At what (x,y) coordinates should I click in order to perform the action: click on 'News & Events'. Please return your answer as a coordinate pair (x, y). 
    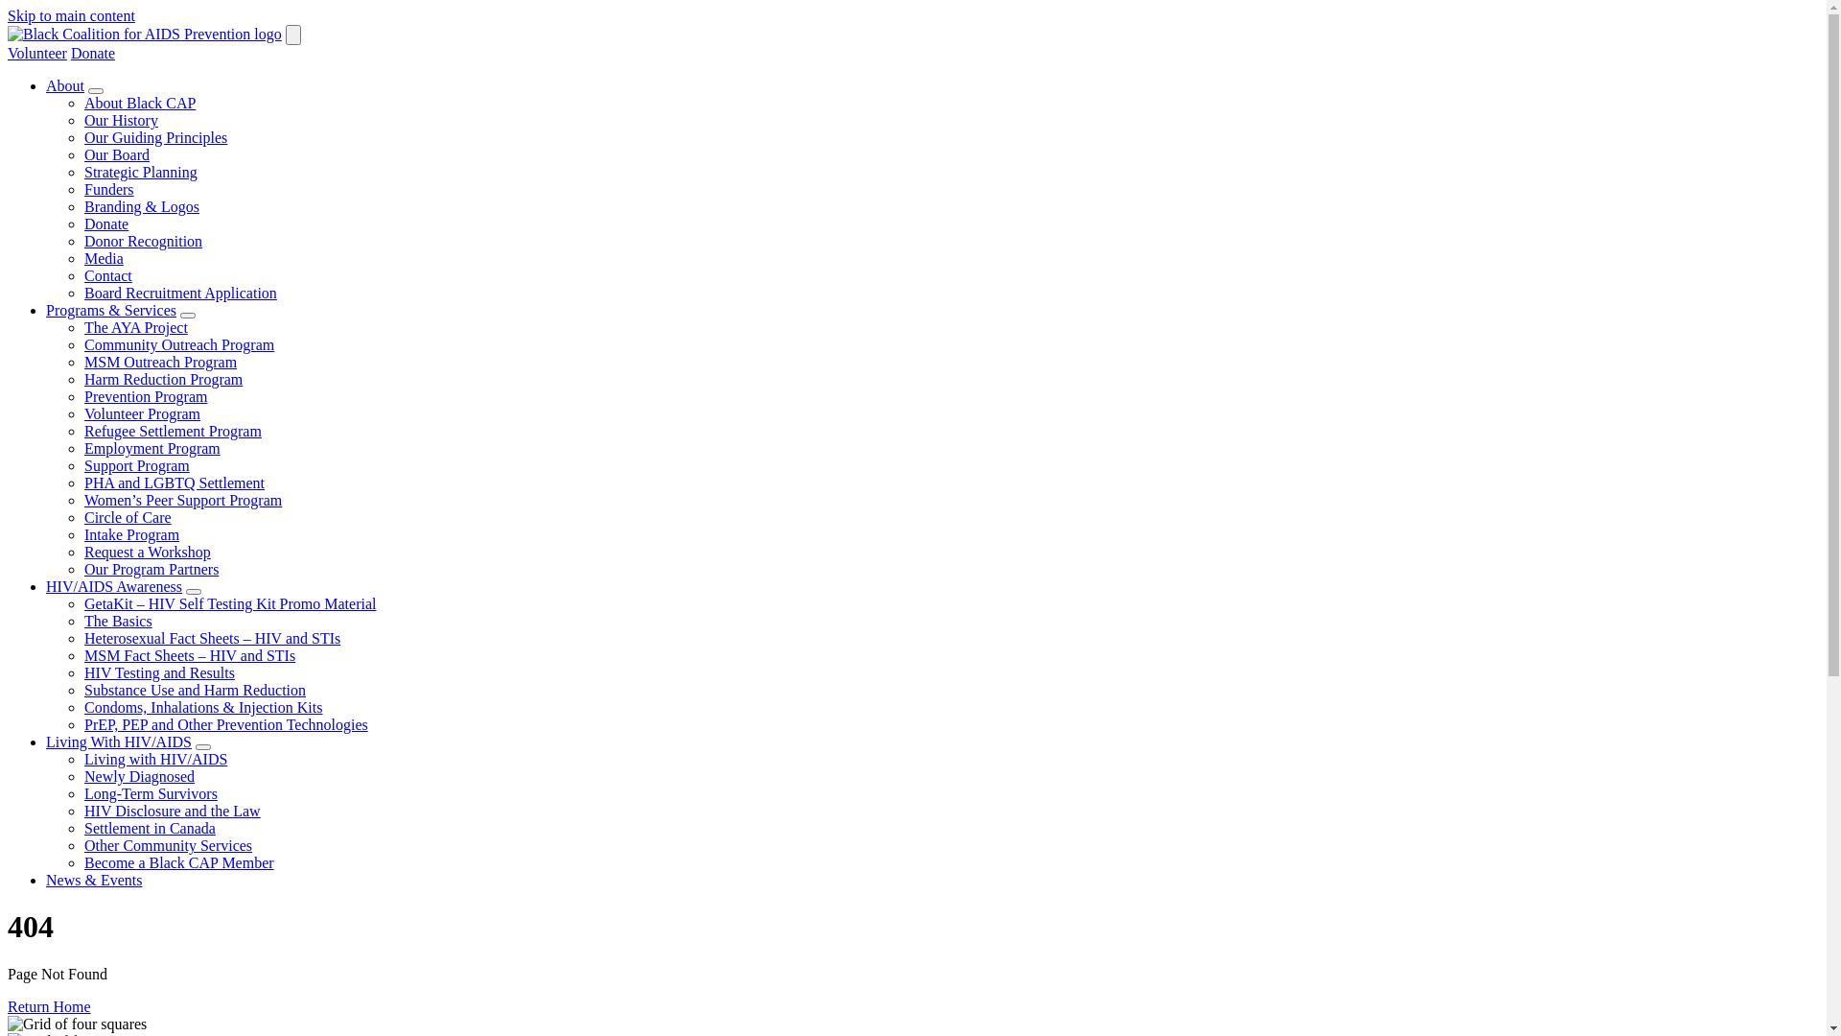
    Looking at the image, I should click on (92, 880).